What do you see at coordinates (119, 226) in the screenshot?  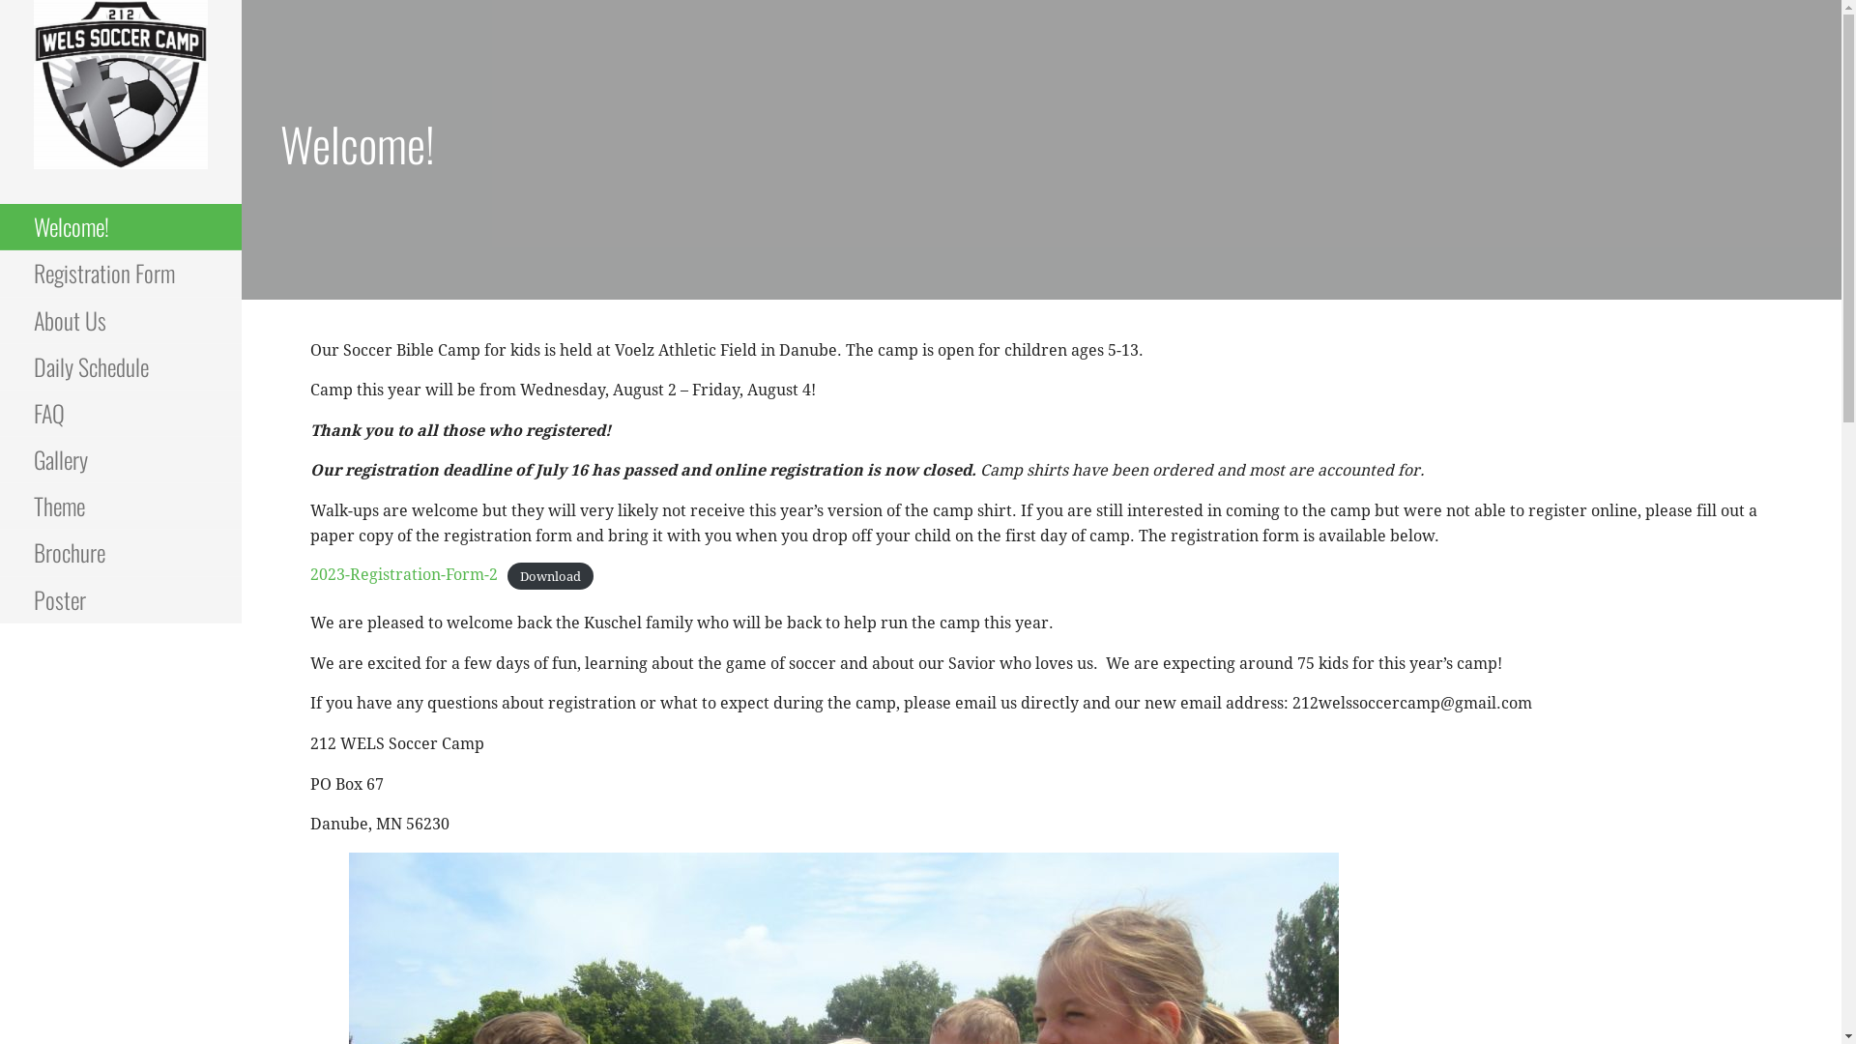 I see `'Welcome!'` at bounding box center [119, 226].